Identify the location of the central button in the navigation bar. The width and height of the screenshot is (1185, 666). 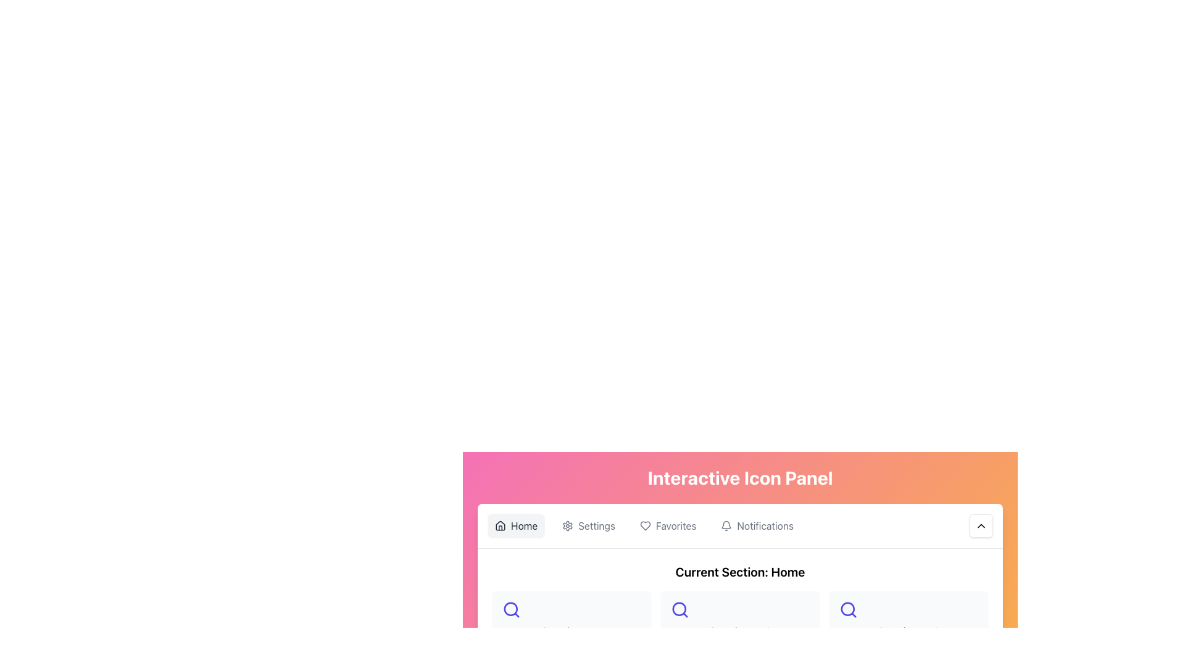
(667, 525).